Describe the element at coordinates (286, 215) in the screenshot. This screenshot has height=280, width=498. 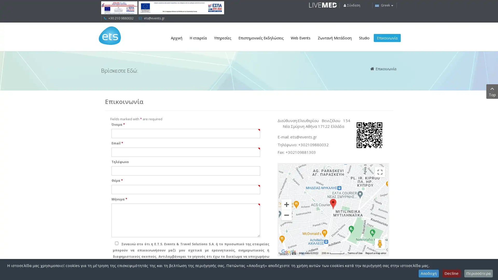
I see `Zoom out` at that location.